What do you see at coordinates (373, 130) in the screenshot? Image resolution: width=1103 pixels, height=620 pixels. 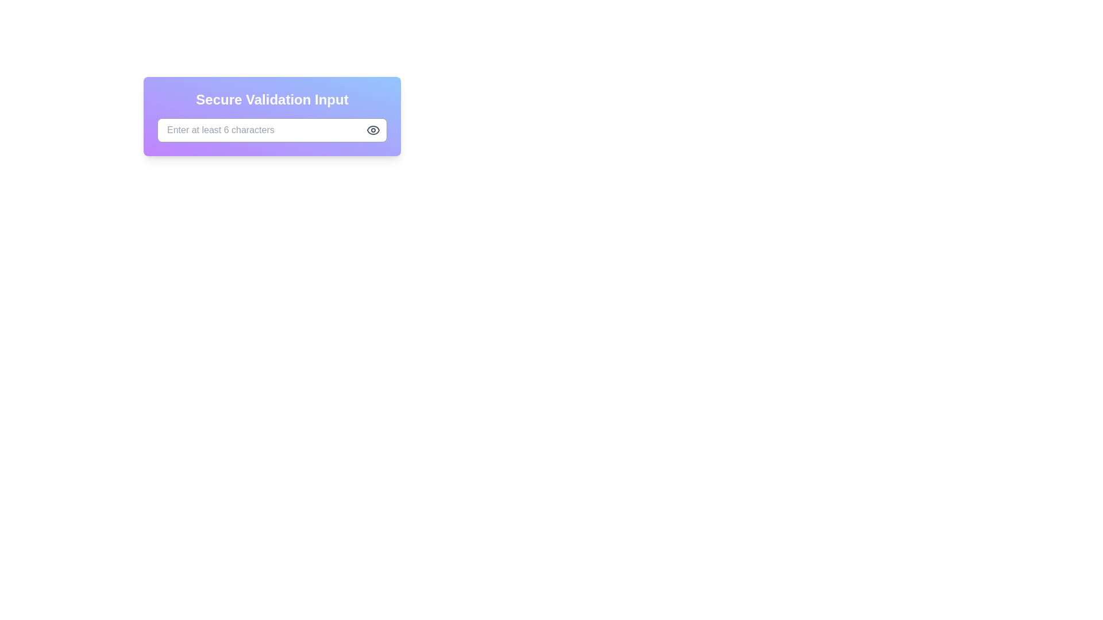 I see `the eye icon button on the far right-hand side of the 'Secure Validation Input' field` at bounding box center [373, 130].